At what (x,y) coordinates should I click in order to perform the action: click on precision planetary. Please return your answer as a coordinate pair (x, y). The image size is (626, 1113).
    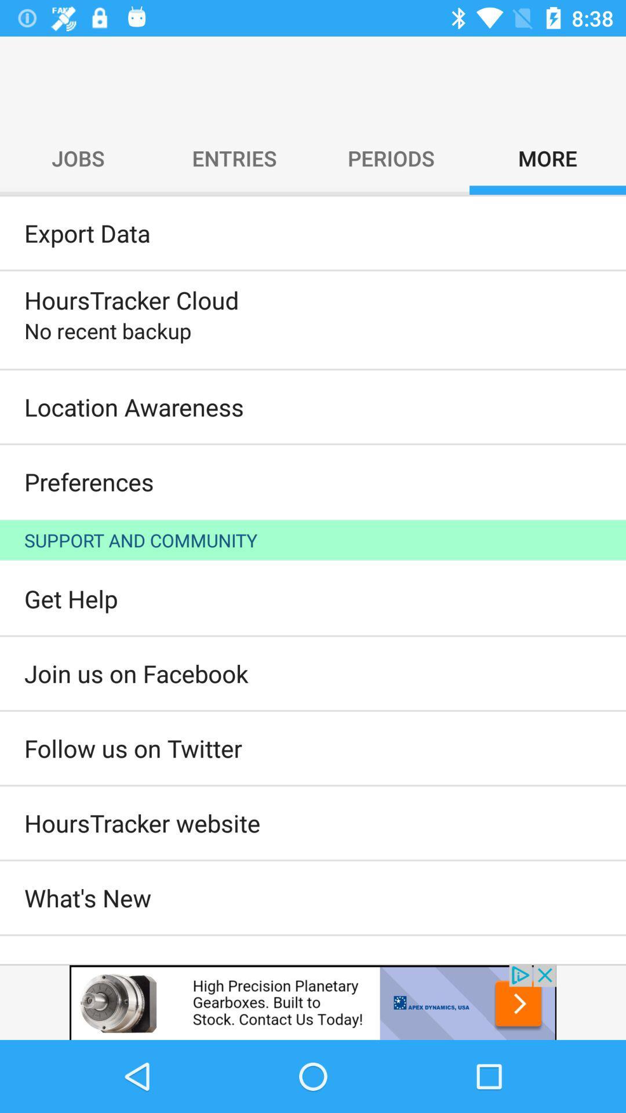
    Looking at the image, I should click on (313, 1001).